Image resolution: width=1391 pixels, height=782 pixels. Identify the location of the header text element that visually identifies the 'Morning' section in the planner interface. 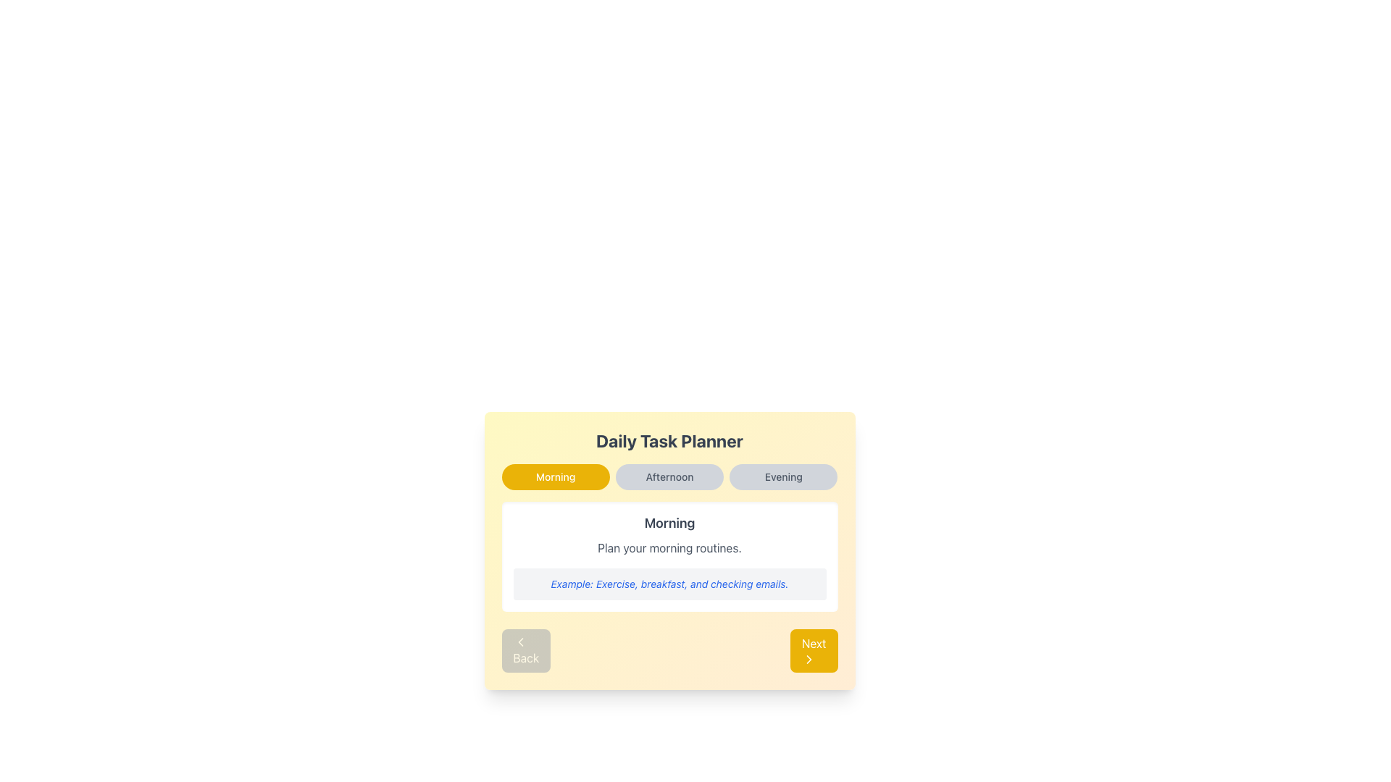
(669, 523).